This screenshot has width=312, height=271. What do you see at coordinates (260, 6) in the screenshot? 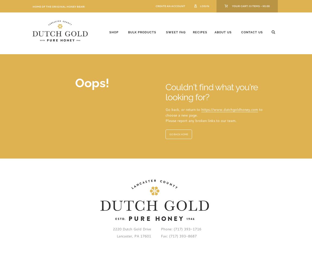
I see `'-'` at bounding box center [260, 6].